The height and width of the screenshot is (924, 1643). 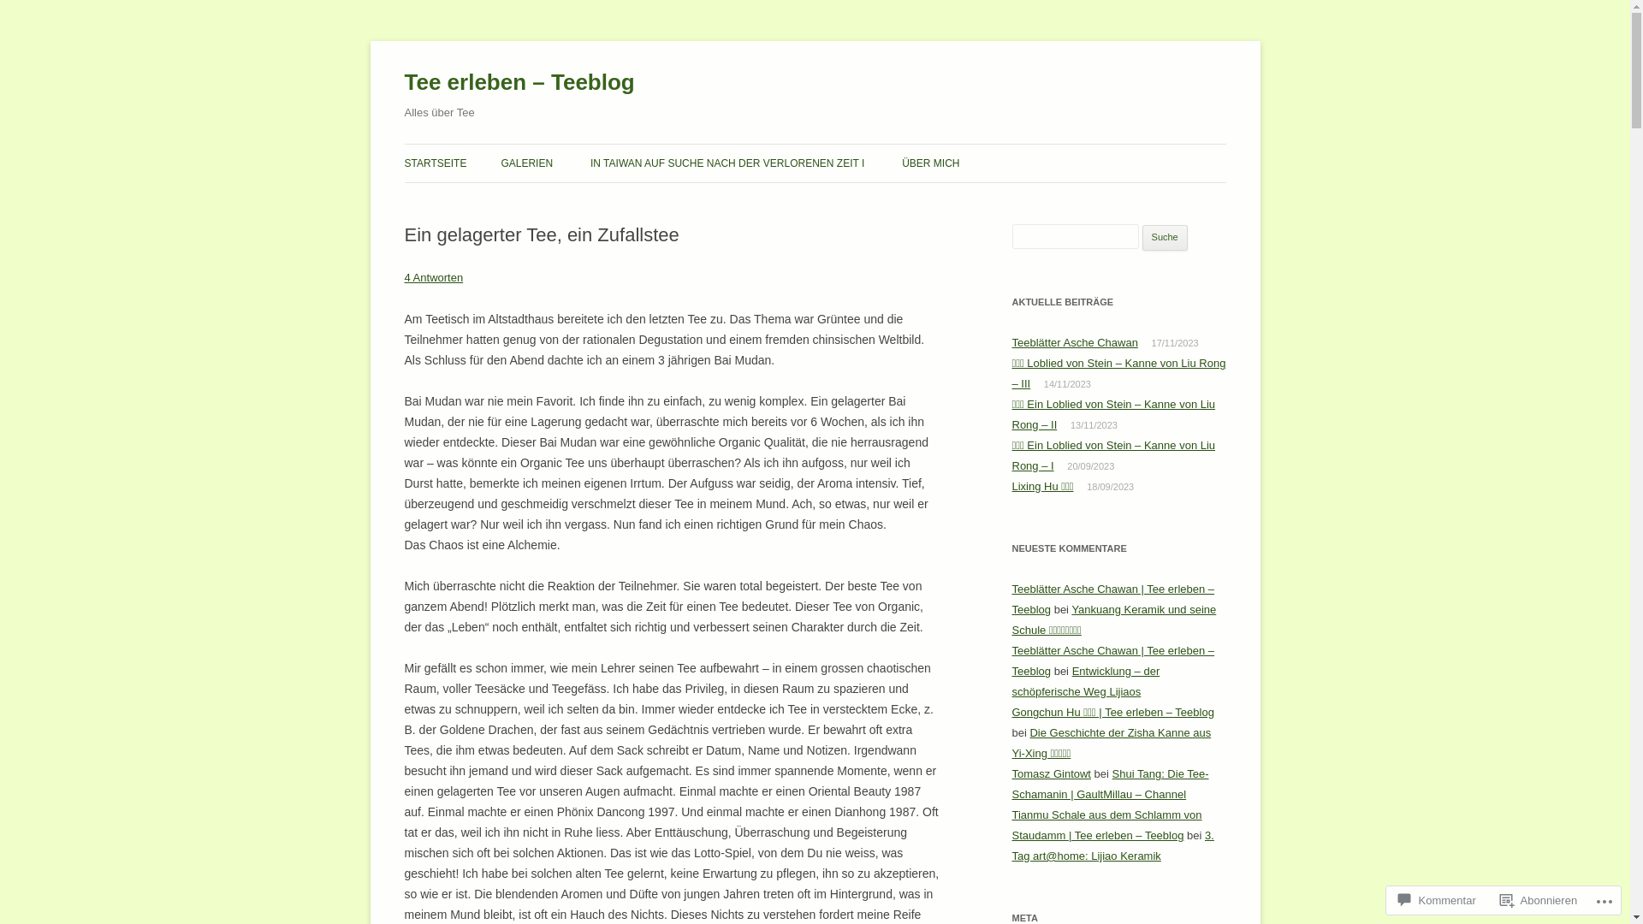 What do you see at coordinates (727, 163) in the screenshot?
I see `'IN TAIWAN AUF SUCHE NACH DER VERLORENEN ZEIT I'` at bounding box center [727, 163].